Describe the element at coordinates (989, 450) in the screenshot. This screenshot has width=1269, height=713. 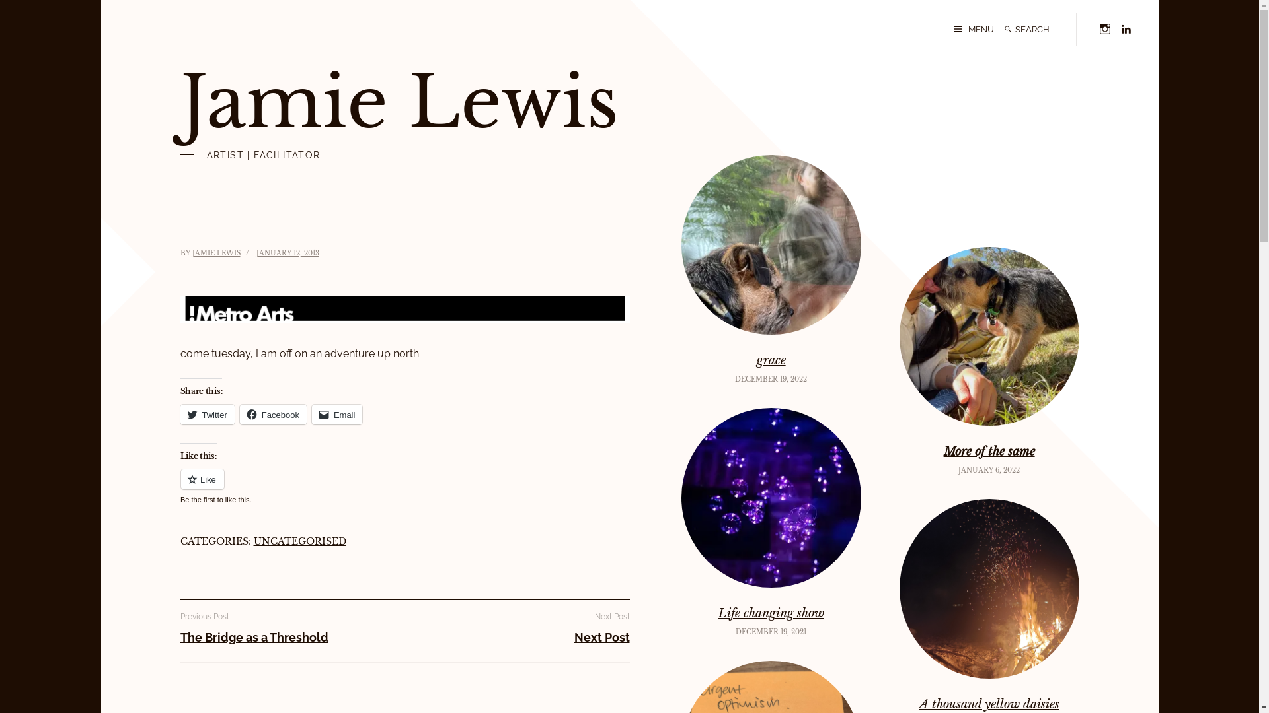
I see `'More of the same'` at that location.